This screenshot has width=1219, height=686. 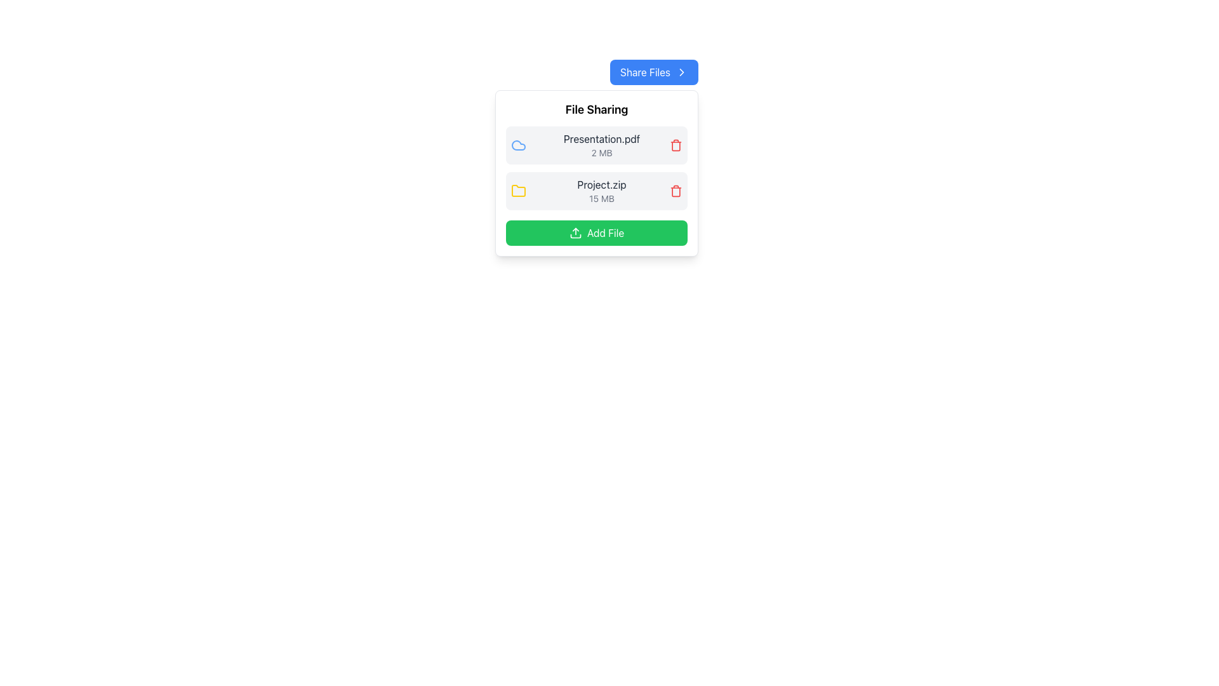 What do you see at coordinates (676, 191) in the screenshot?
I see `the delete button icon for 'Project.zip' to darken its red color` at bounding box center [676, 191].